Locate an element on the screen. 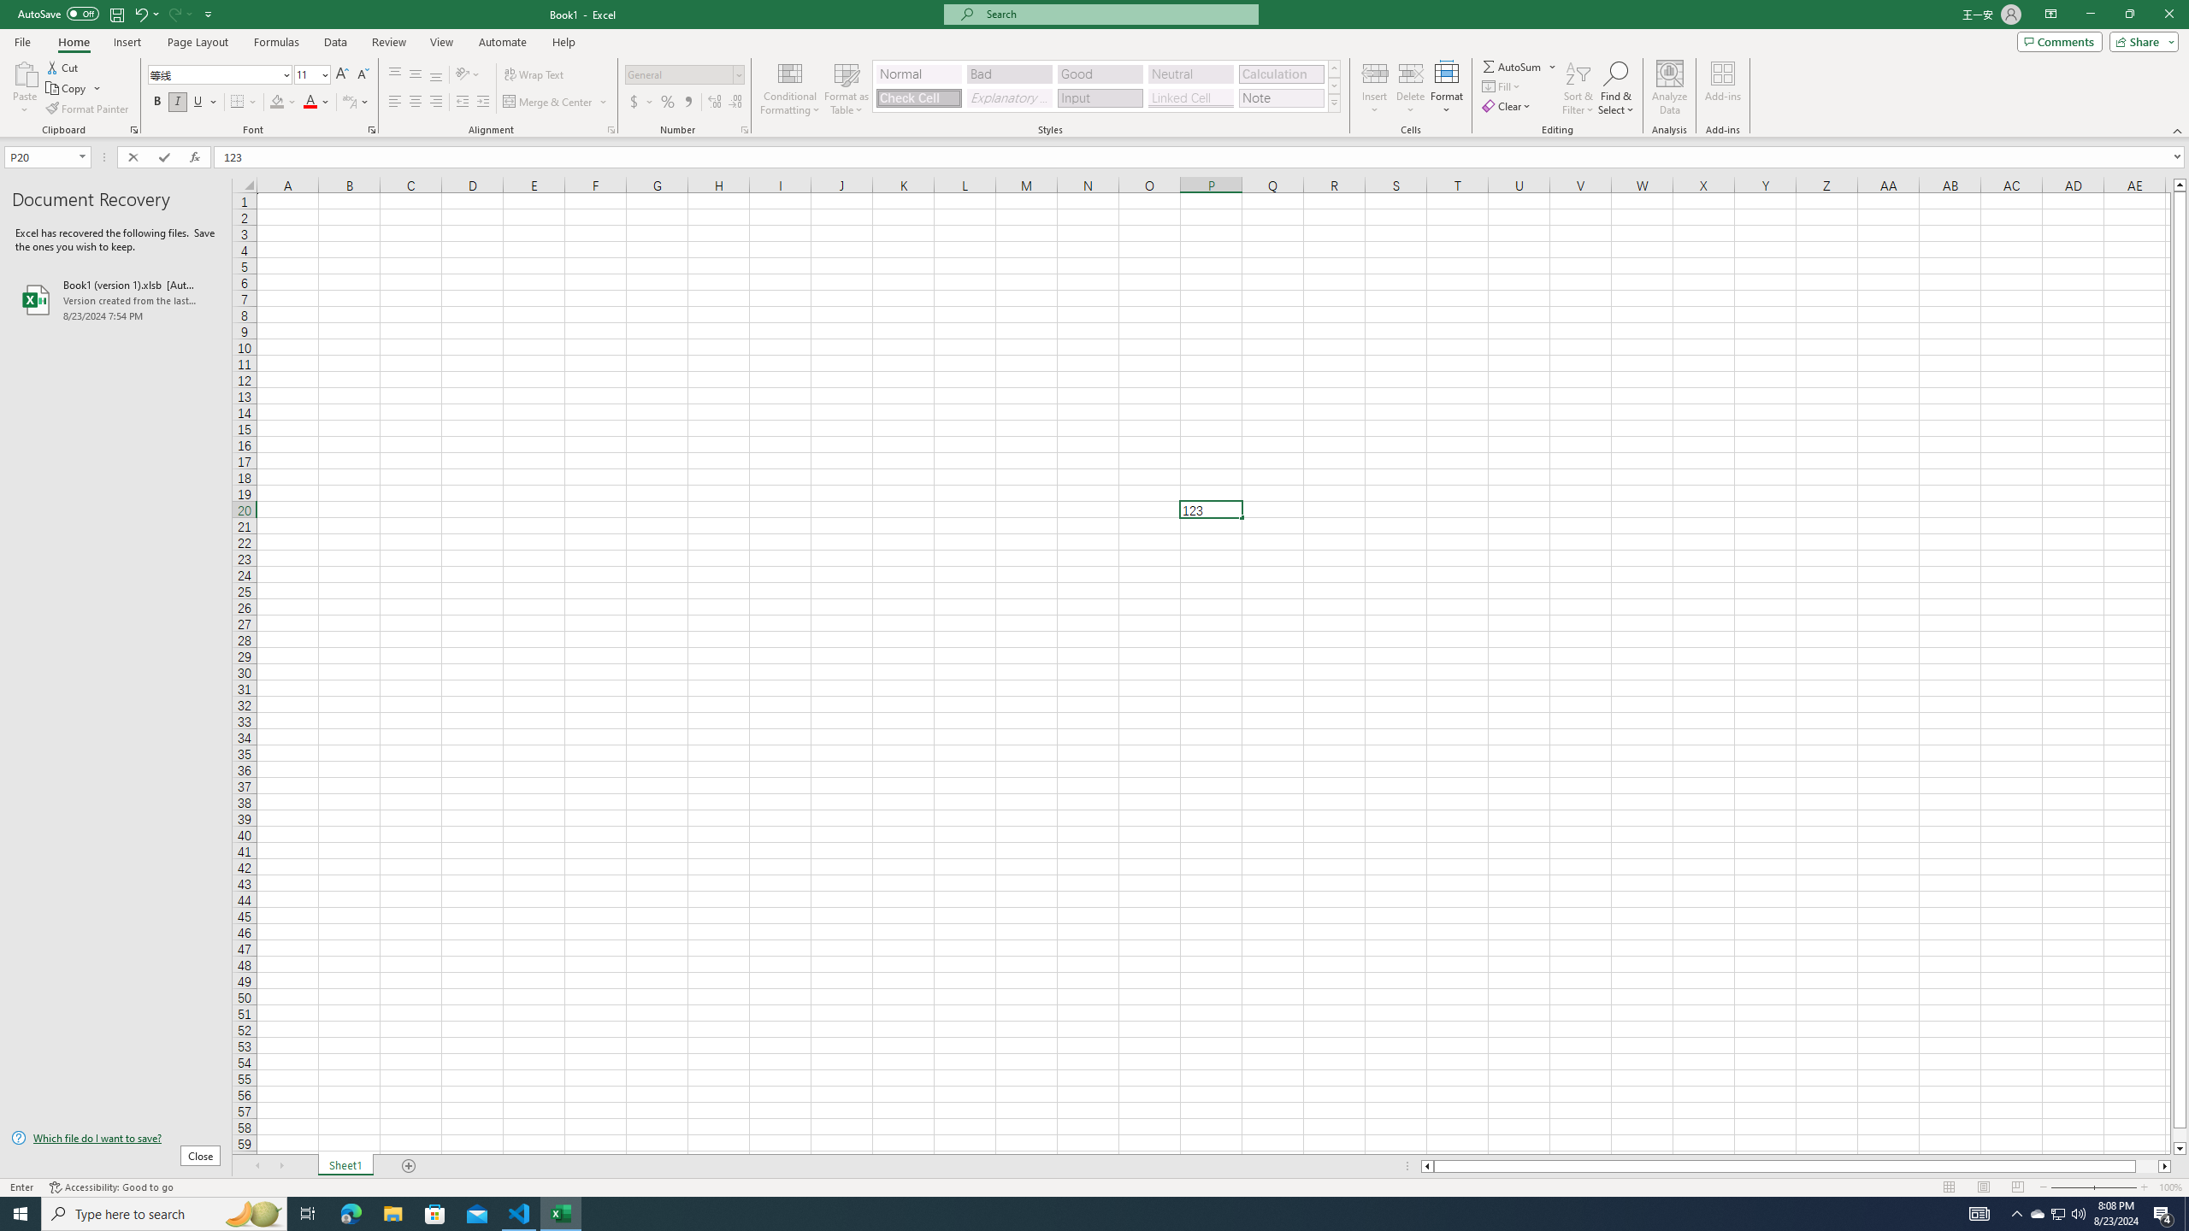  'Number Format' is located at coordinates (684, 74).